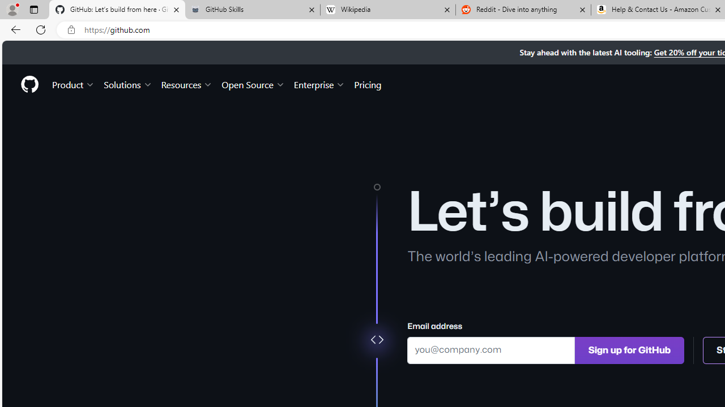 The width and height of the screenshot is (725, 407). Describe the element at coordinates (14, 29) in the screenshot. I see `'Back'` at that location.